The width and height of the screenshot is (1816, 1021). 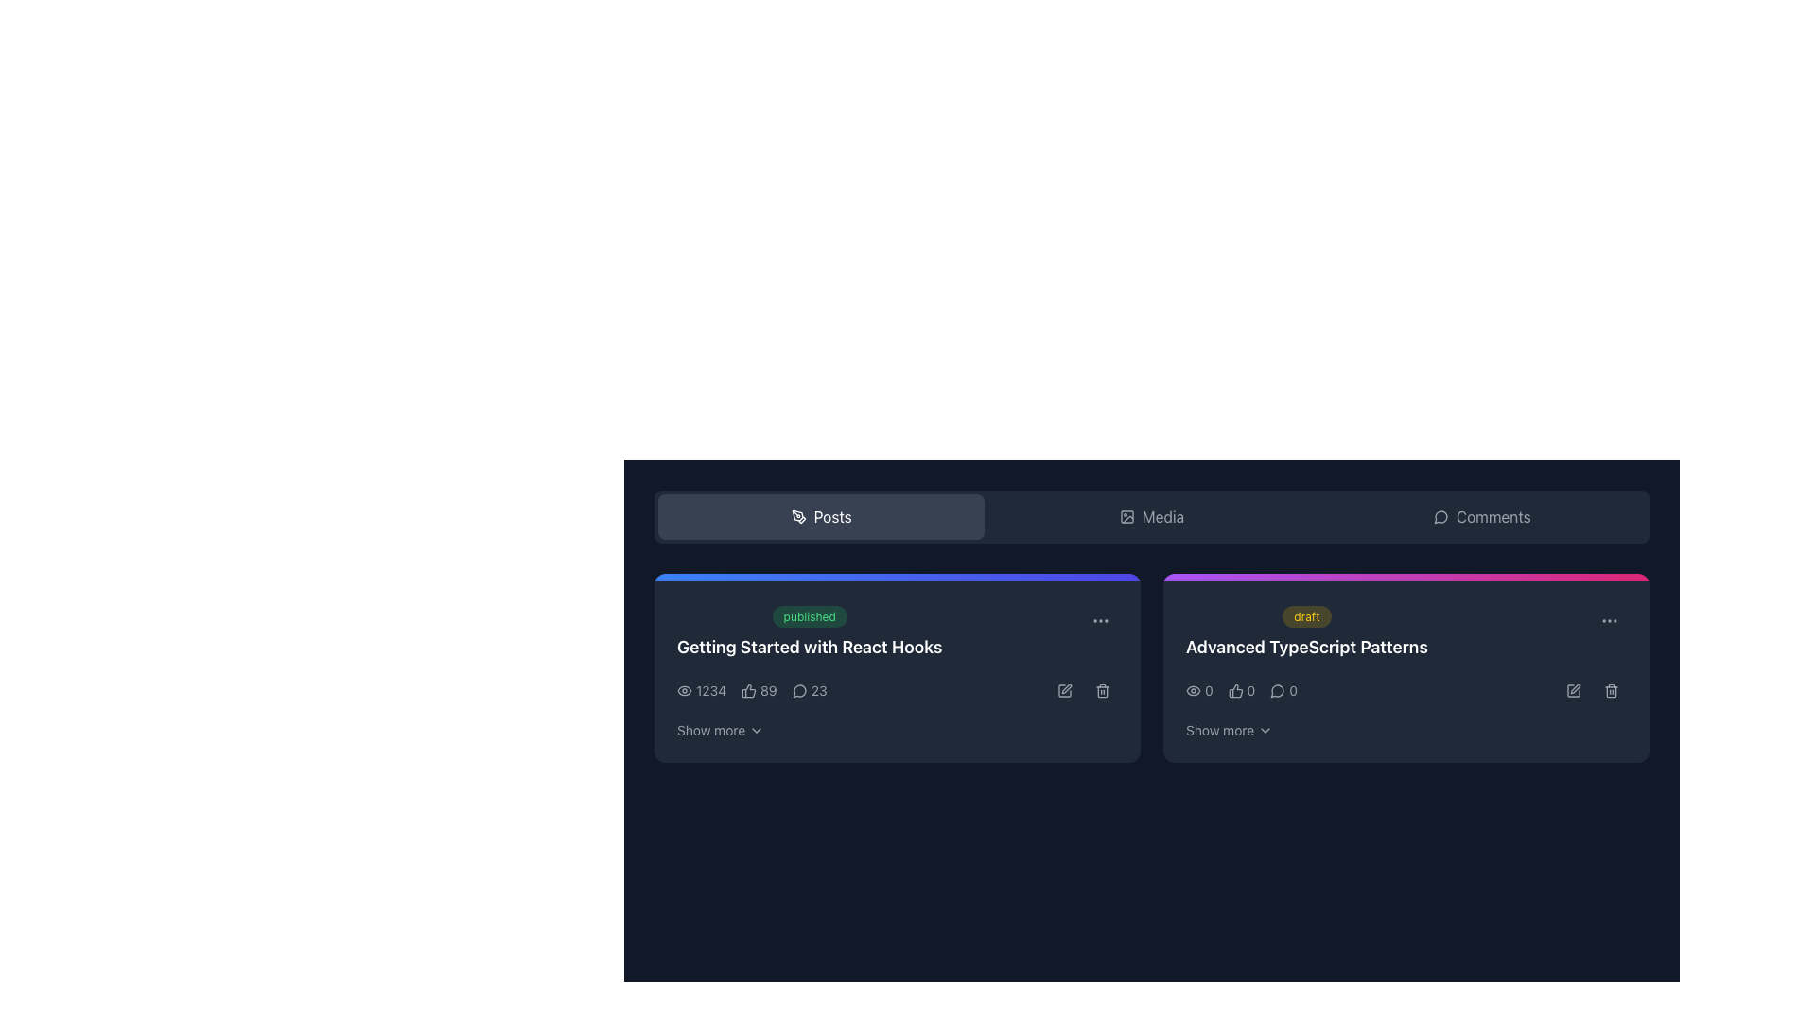 What do you see at coordinates (1126, 517) in the screenshot?
I see `'Media' icon located at the leftmost part of the navigation button labeled 'Media' in the horizontal navigation bar` at bounding box center [1126, 517].